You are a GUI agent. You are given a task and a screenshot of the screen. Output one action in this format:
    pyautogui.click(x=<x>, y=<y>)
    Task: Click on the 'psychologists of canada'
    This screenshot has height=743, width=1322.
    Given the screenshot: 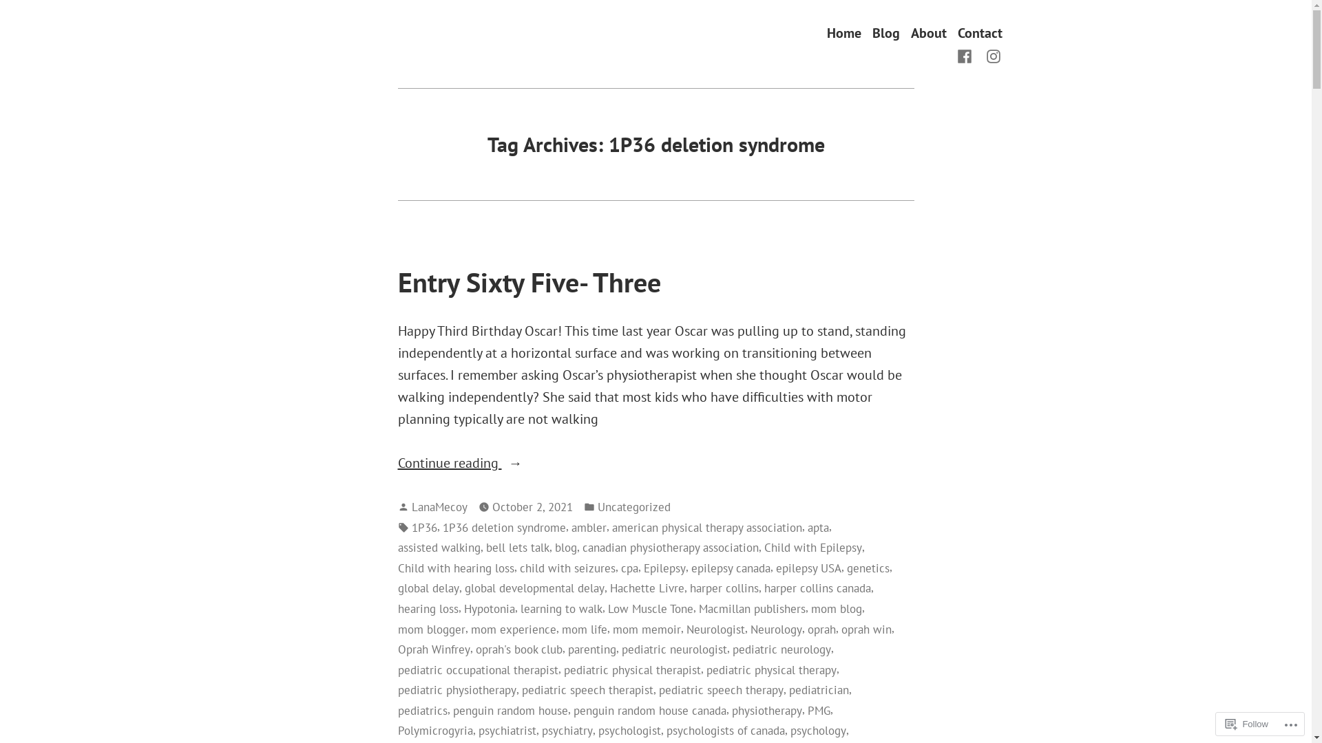 What is the action you would take?
    pyautogui.click(x=725, y=729)
    